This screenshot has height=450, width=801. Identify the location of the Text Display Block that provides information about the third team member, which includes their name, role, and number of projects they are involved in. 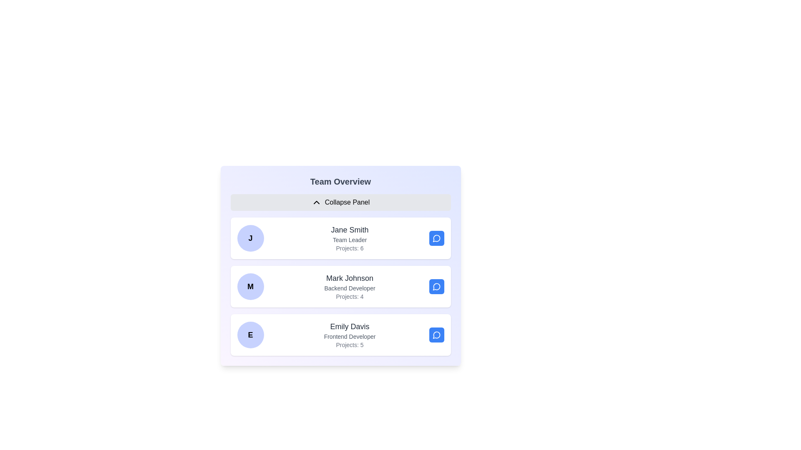
(350, 334).